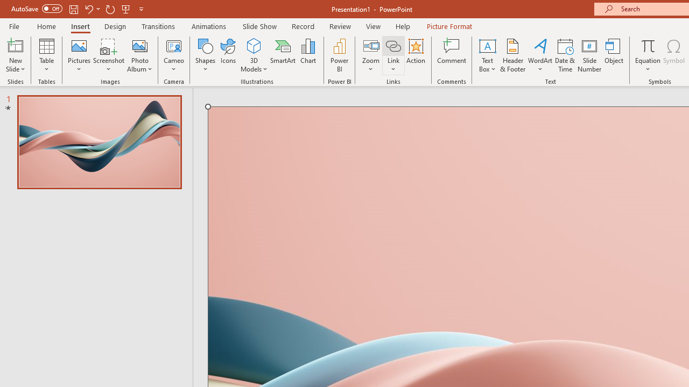  Describe the element at coordinates (393, 45) in the screenshot. I see `'Link'` at that location.